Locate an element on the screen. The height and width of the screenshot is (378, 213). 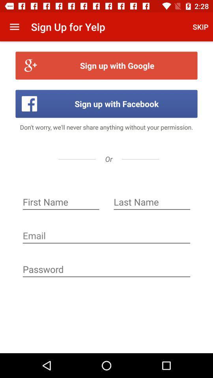
app next to sign up for icon is located at coordinates (14, 27).